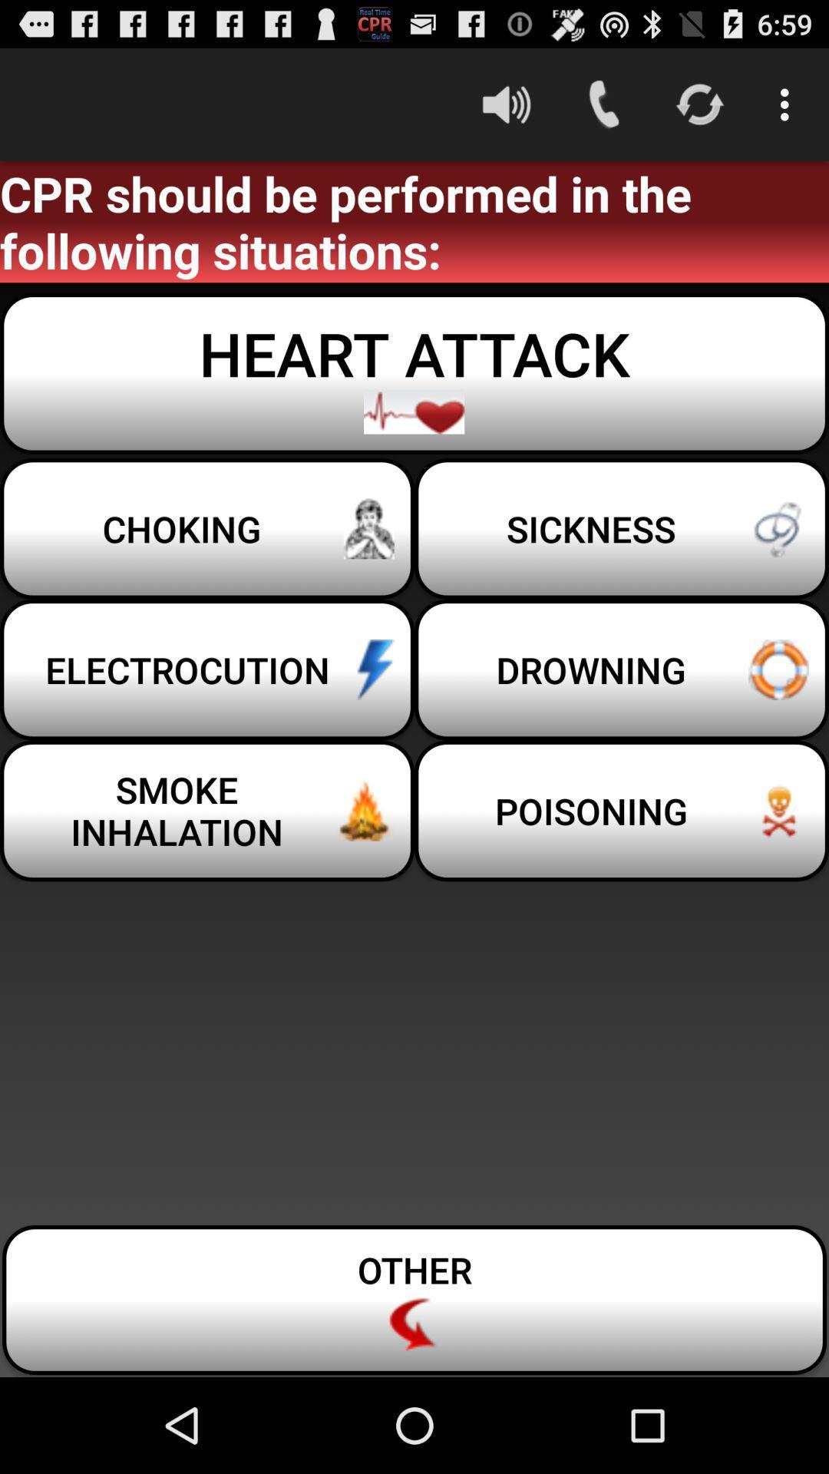 This screenshot has width=829, height=1474. I want to click on the item above other, so click(207, 810).